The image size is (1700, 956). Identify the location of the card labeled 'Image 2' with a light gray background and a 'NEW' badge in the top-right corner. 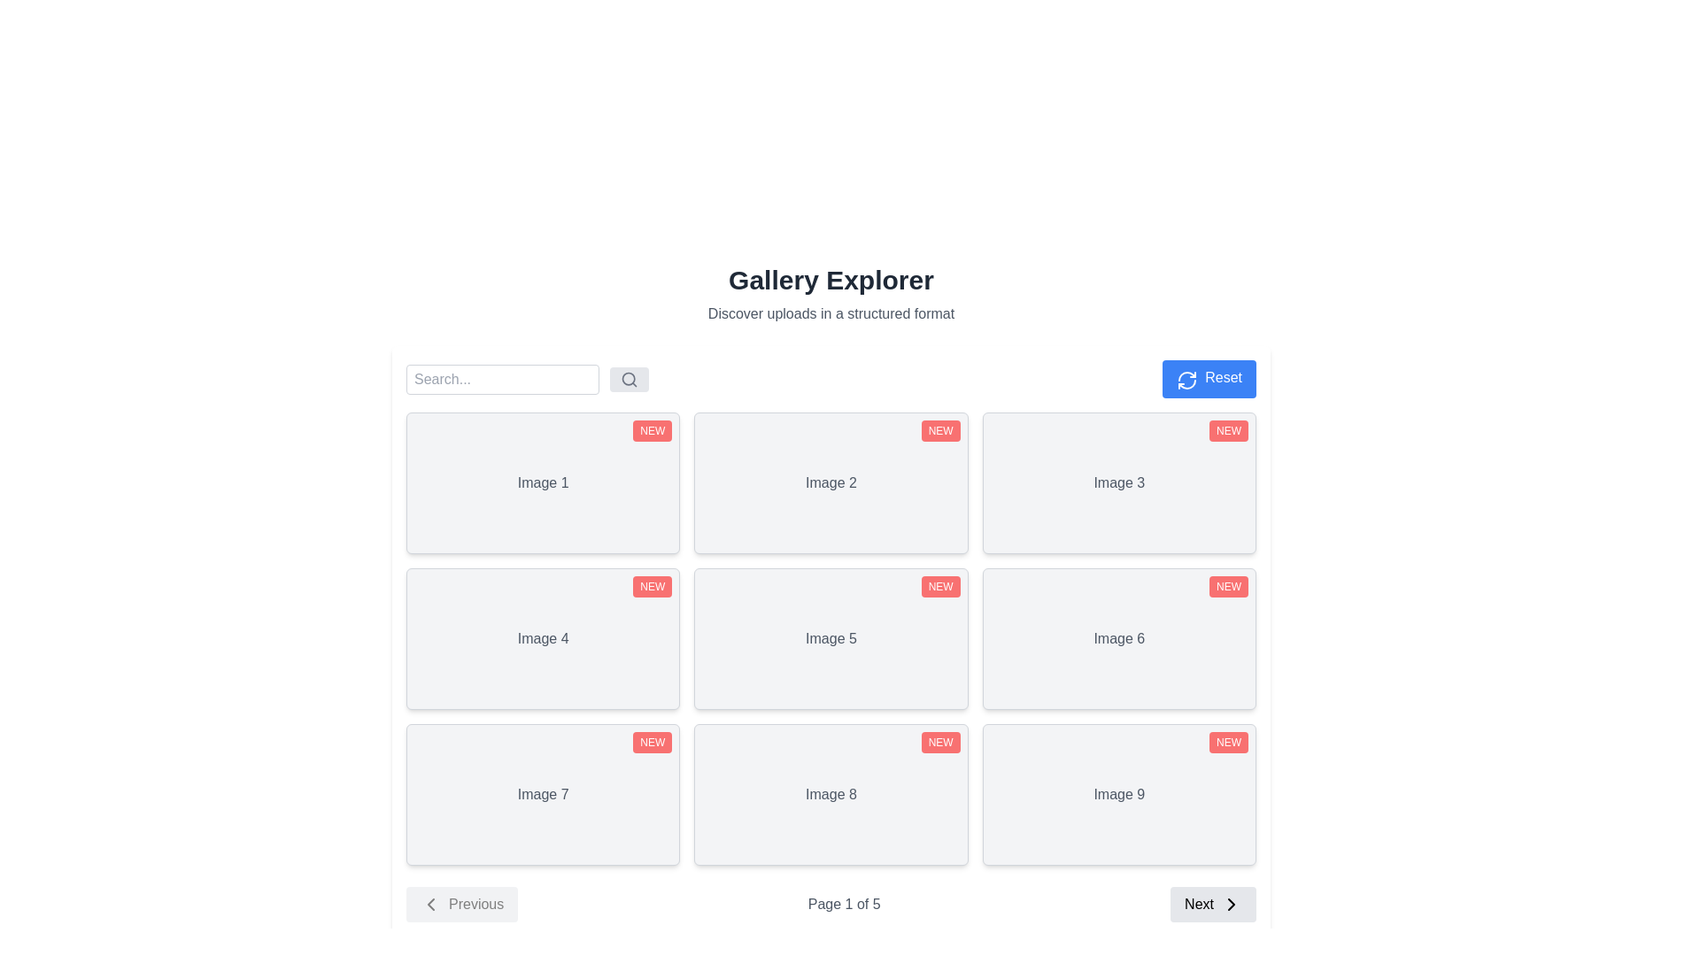
(831, 483).